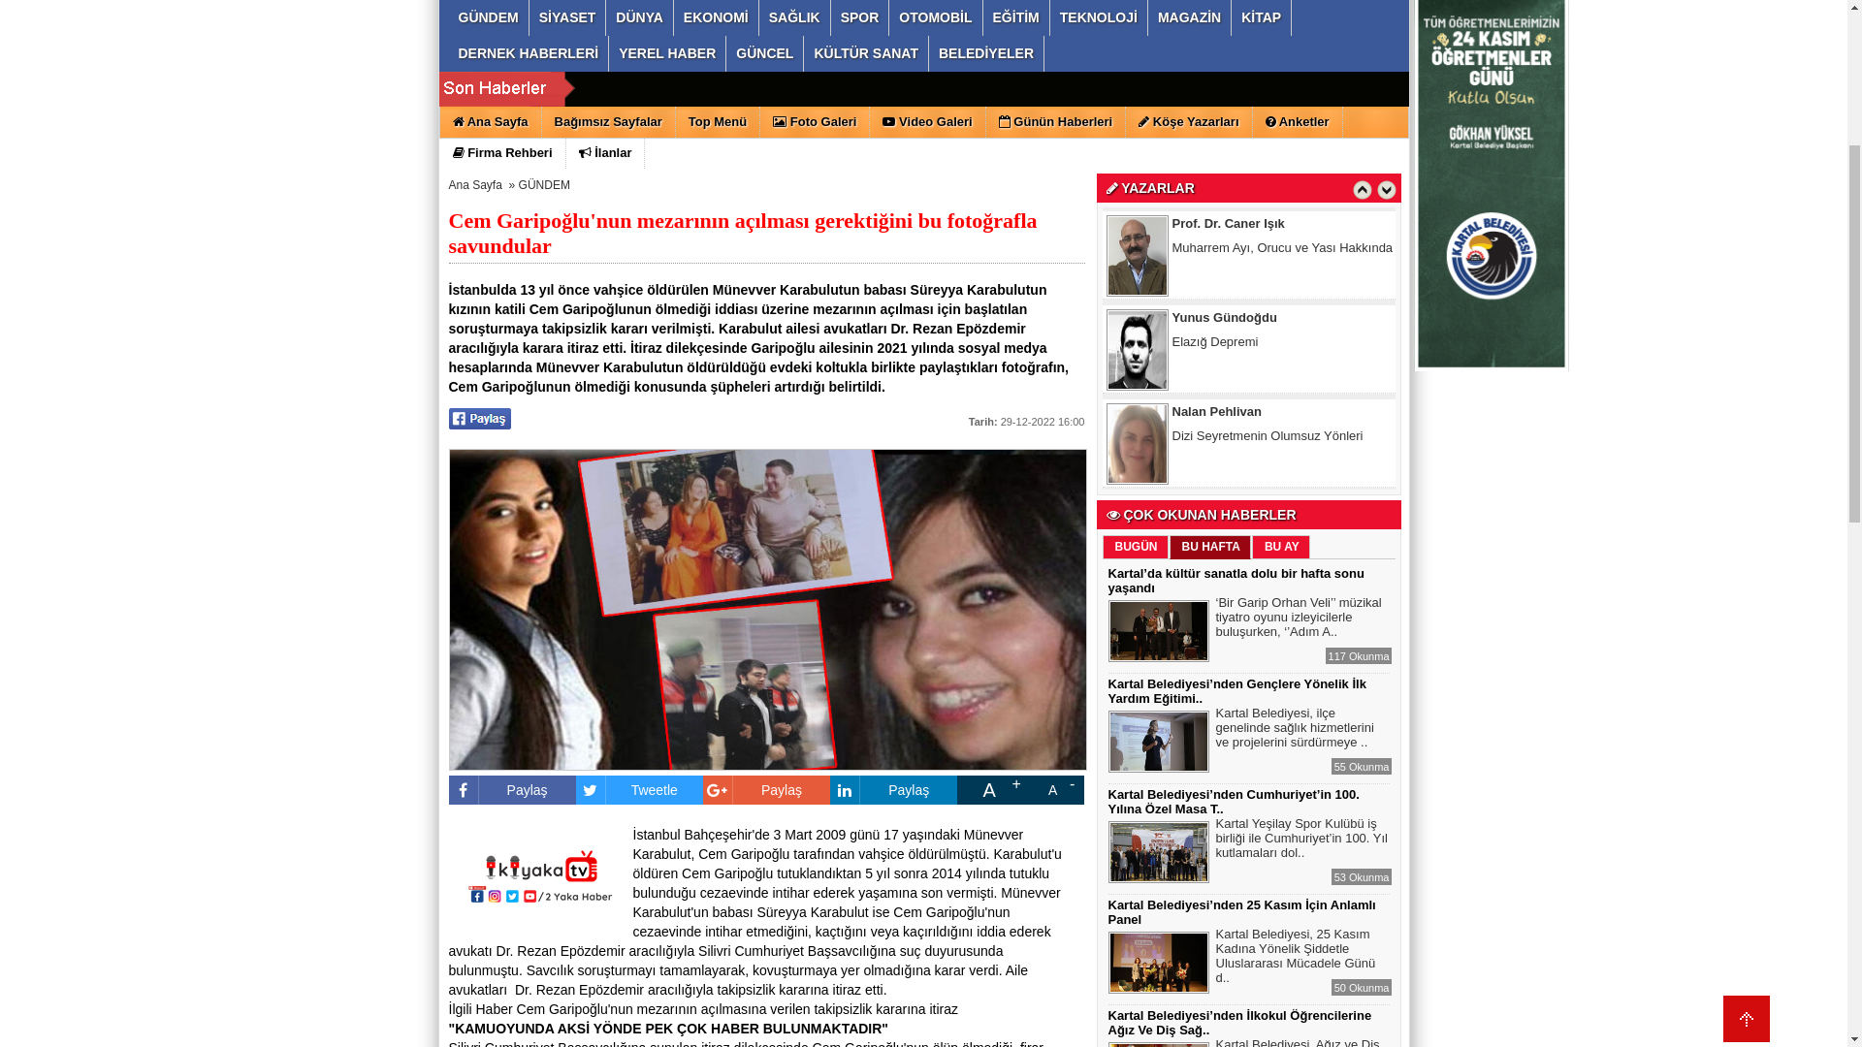 The height and width of the screenshot is (1047, 1862). I want to click on 'Twitter Tweet Button', so click(627, 780).